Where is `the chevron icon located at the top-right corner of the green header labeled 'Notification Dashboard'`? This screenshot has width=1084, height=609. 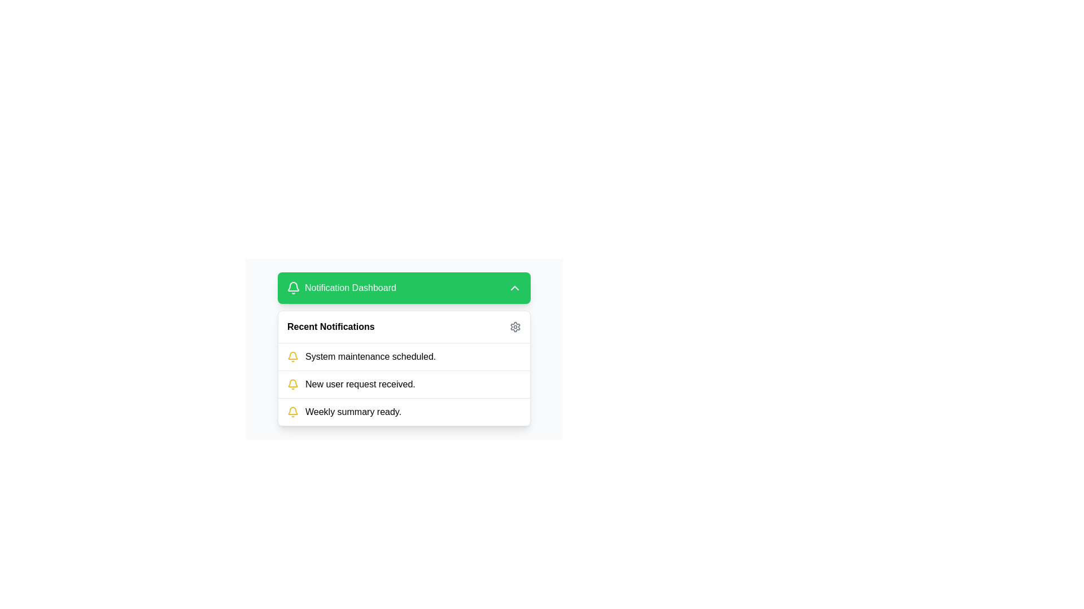 the chevron icon located at the top-right corner of the green header labeled 'Notification Dashboard' is located at coordinates (514, 287).